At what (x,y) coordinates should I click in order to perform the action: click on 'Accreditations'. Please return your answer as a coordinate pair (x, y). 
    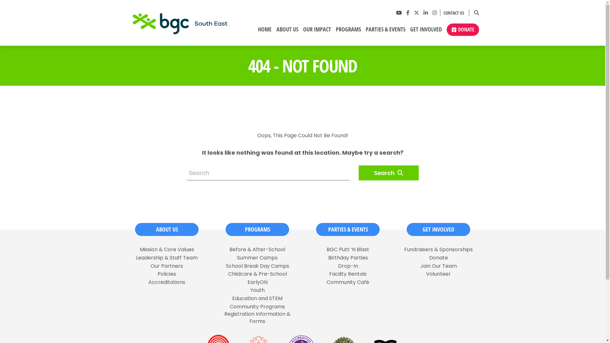
    Looking at the image, I should click on (166, 282).